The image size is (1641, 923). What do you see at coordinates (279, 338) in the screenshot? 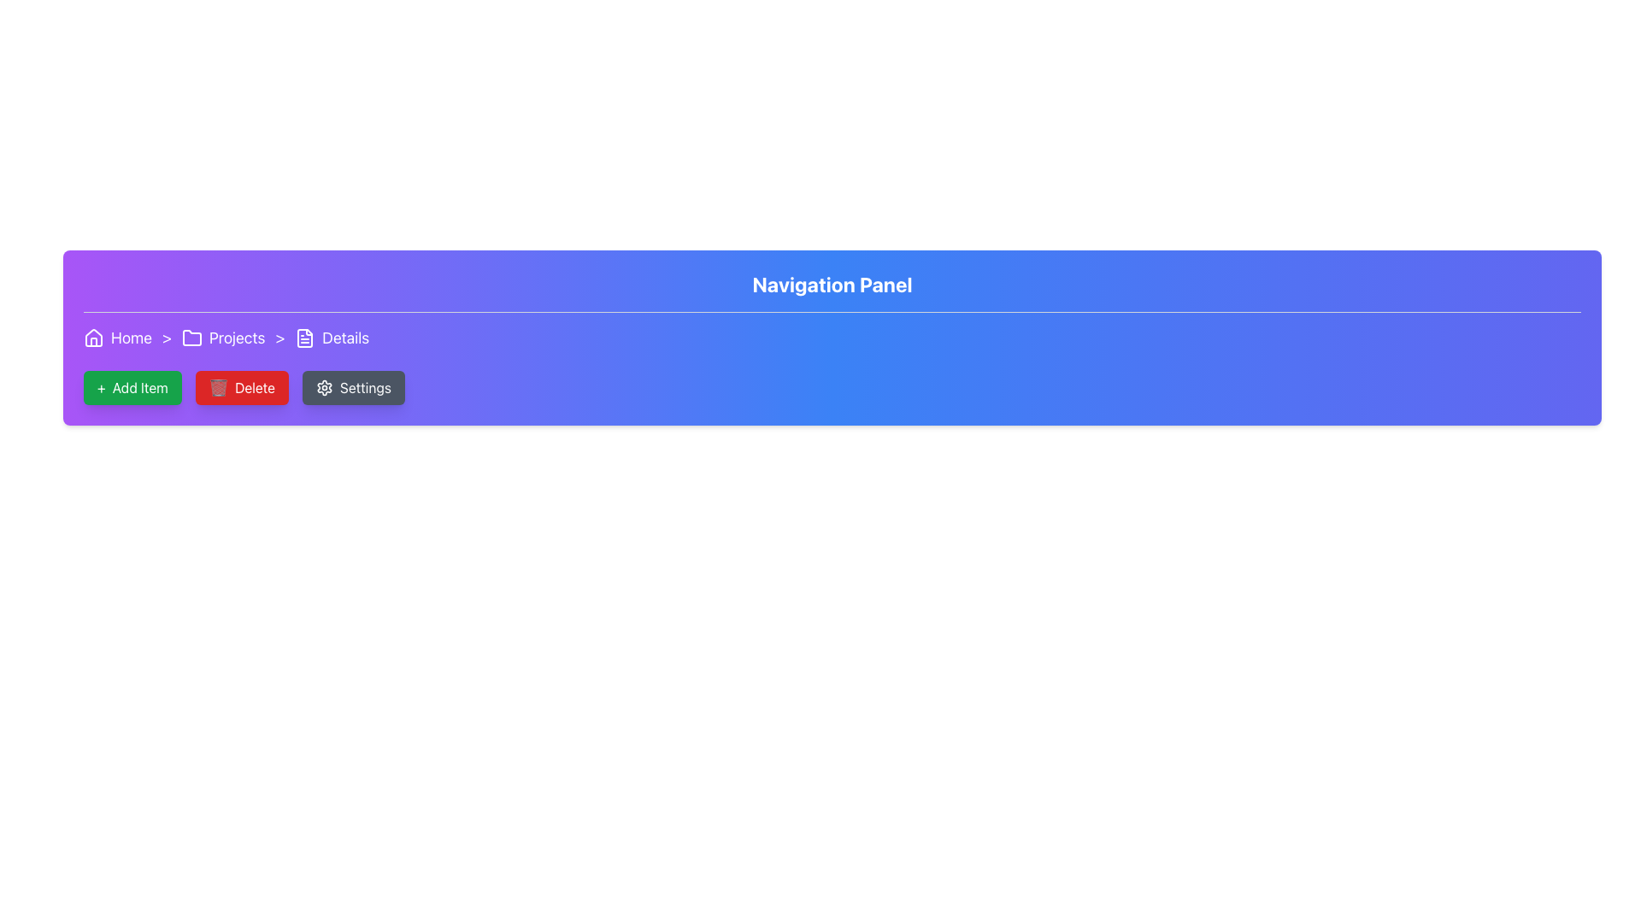
I see `the Arrow glyph used as a breadcrumb separator, which is styled with a '>' character and located between the labels 'Projects' and 'Details'` at bounding box center [279, 338].